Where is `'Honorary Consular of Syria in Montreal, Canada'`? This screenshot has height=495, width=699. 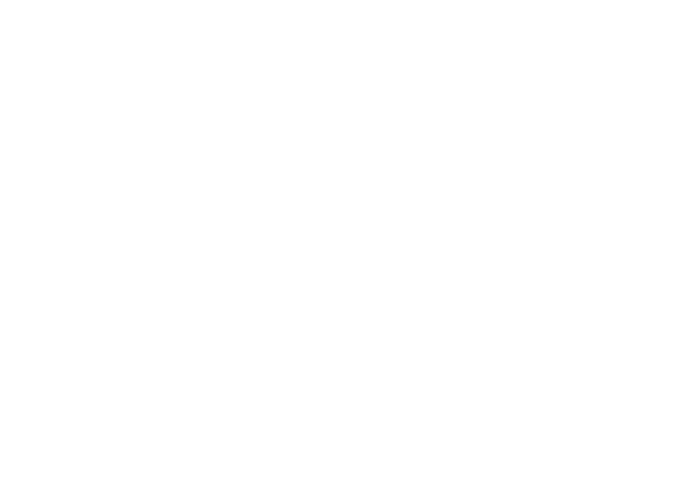
'Honorary Consular of Syria in Montreal, Canada' is located at coordinates (201, 32).